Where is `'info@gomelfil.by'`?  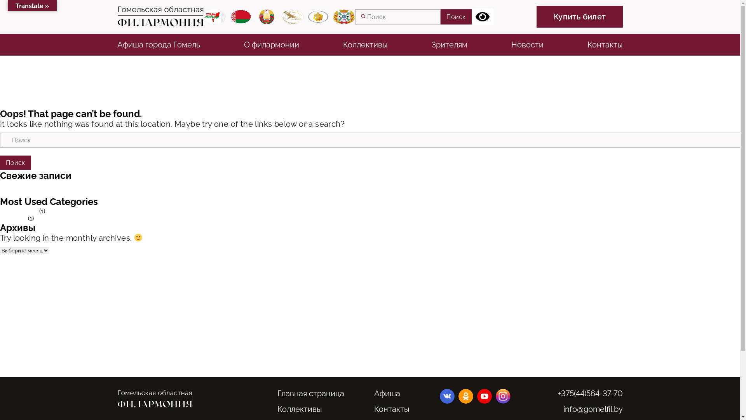 'info@gomelfil.by' is located at coordinates (563, 409).